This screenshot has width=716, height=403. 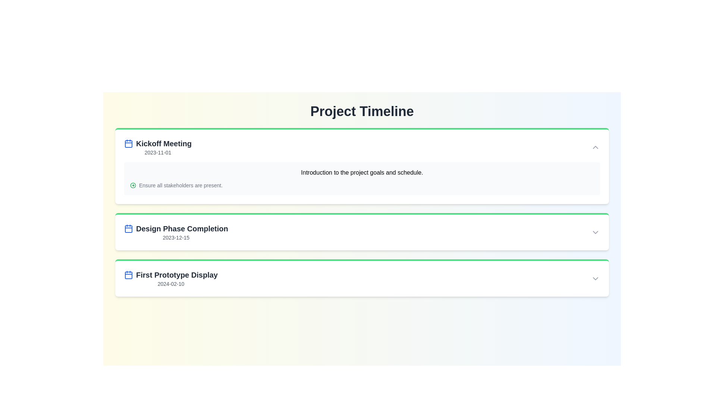 What do you see at coordinates (362, 178) in the screenshot?
I see `the Text block that provides detailed information about the goals and schedule of the project kickoff meeting, located in the 'Kickoff Meeting' section` at bounding box center [362, 178].